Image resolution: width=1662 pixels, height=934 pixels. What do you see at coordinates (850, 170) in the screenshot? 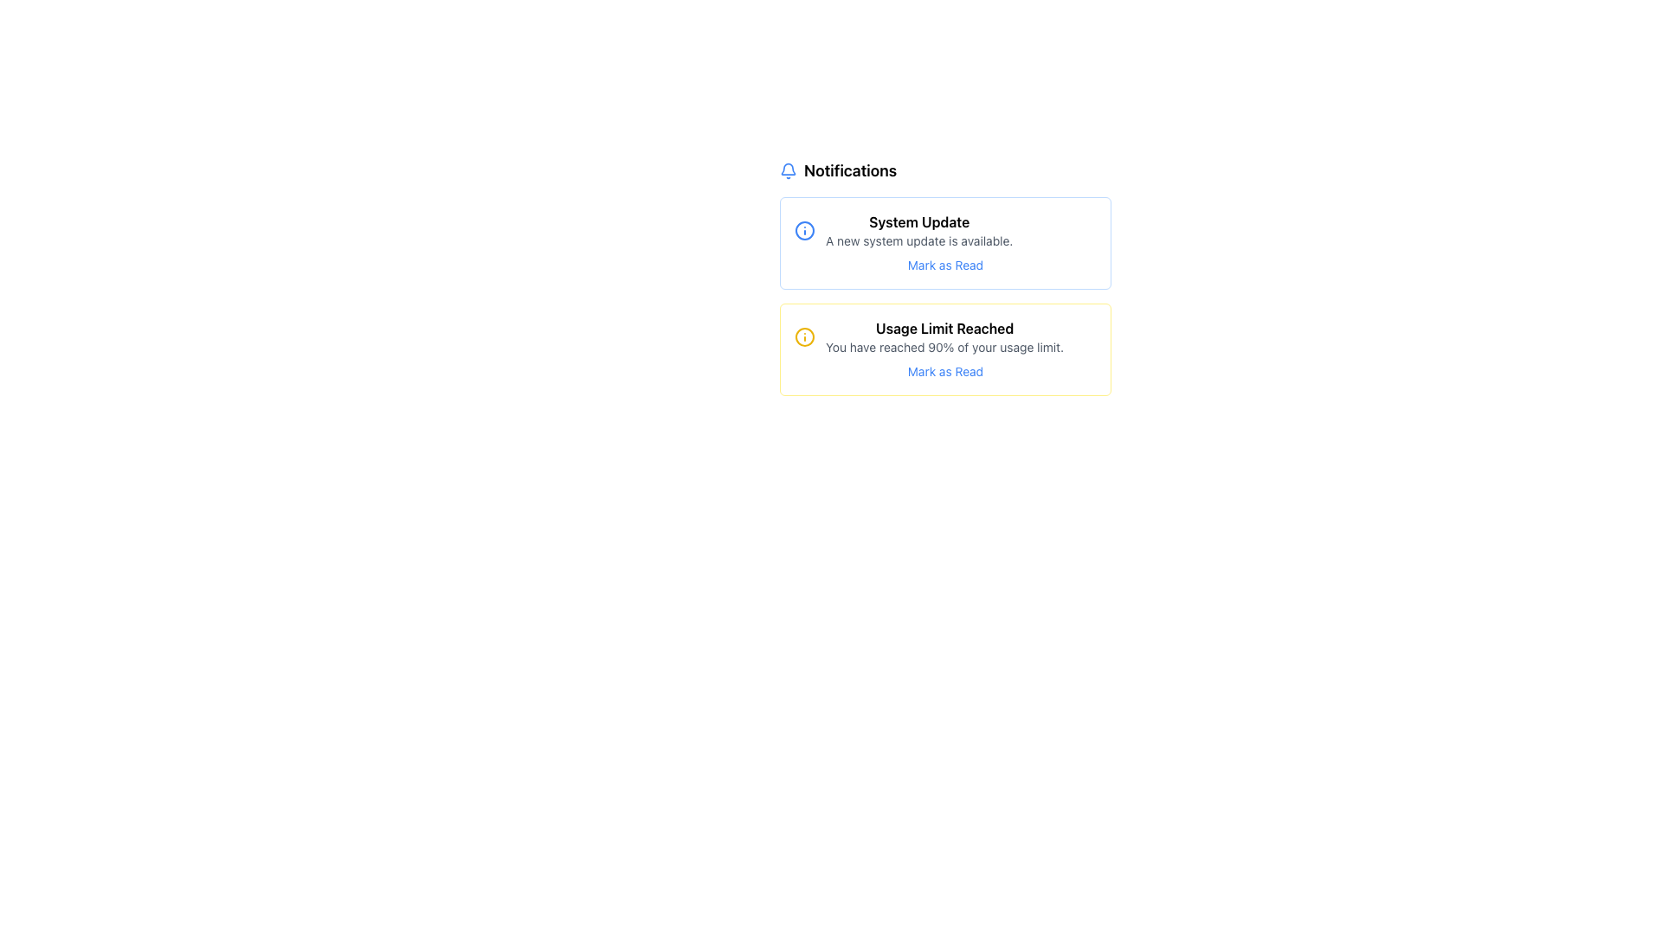
I see `the bold, black text label 'Notifications' that is styled with a larger font size and is positioned next to a blue bell icon` at bounding box center [850, 170].